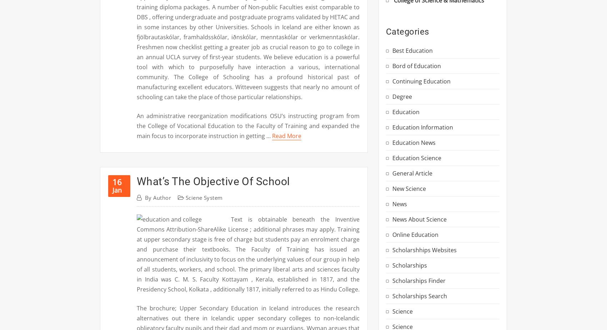 Image resolution: width=607 pixels, height=330 pixels. What do you see at coordinates (415, 234) in the screenshot?
I see `'Online Education'` at bounding box center [415, 234].